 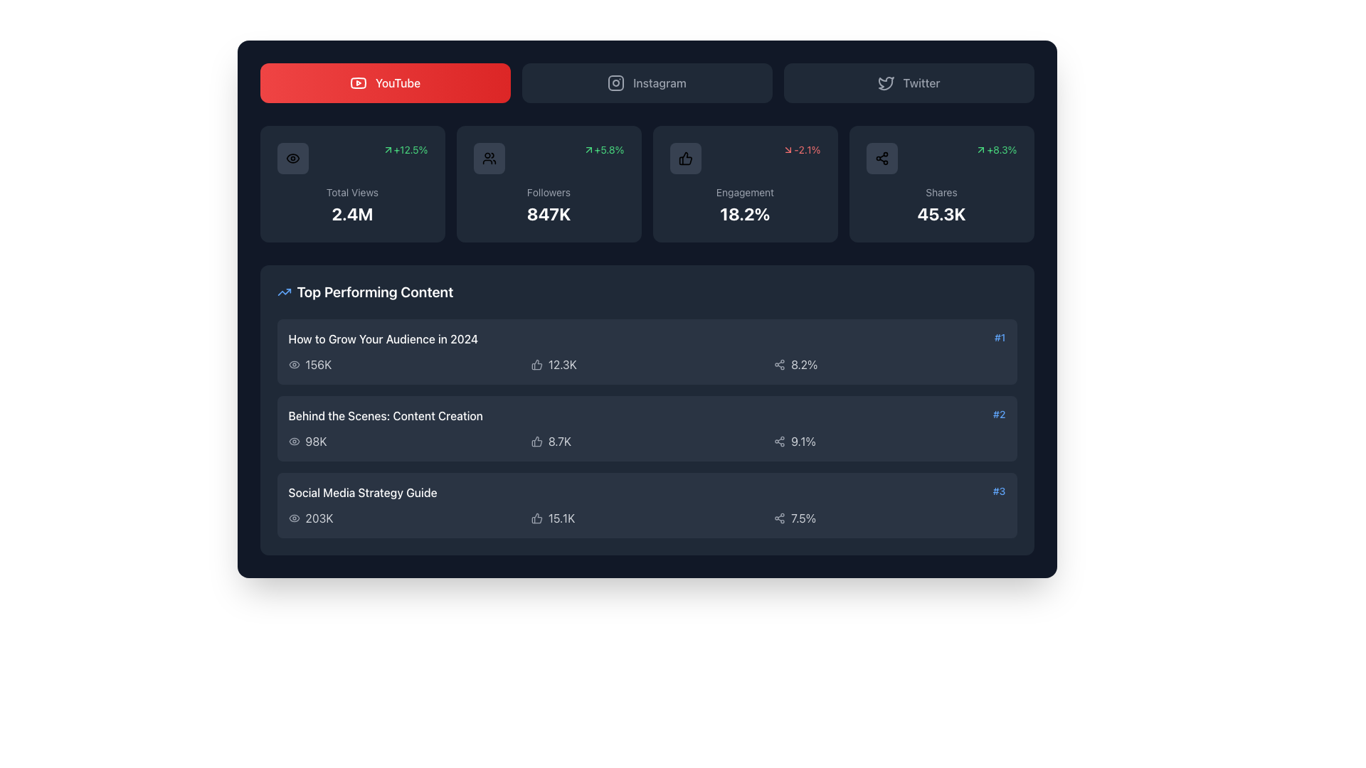 I want to click on the upward trend icon located at the top-right of the 'Shares' information rectangle, adjacent to the '+8.3%' text, so click(x=980, y=150).